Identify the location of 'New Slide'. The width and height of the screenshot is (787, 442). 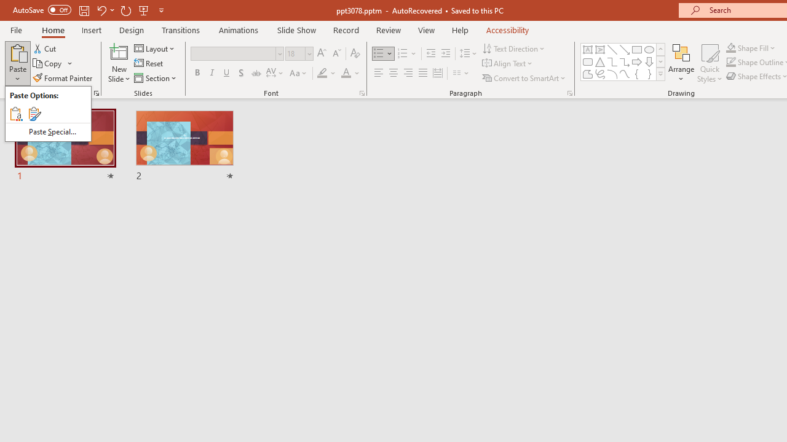
(119, 52).